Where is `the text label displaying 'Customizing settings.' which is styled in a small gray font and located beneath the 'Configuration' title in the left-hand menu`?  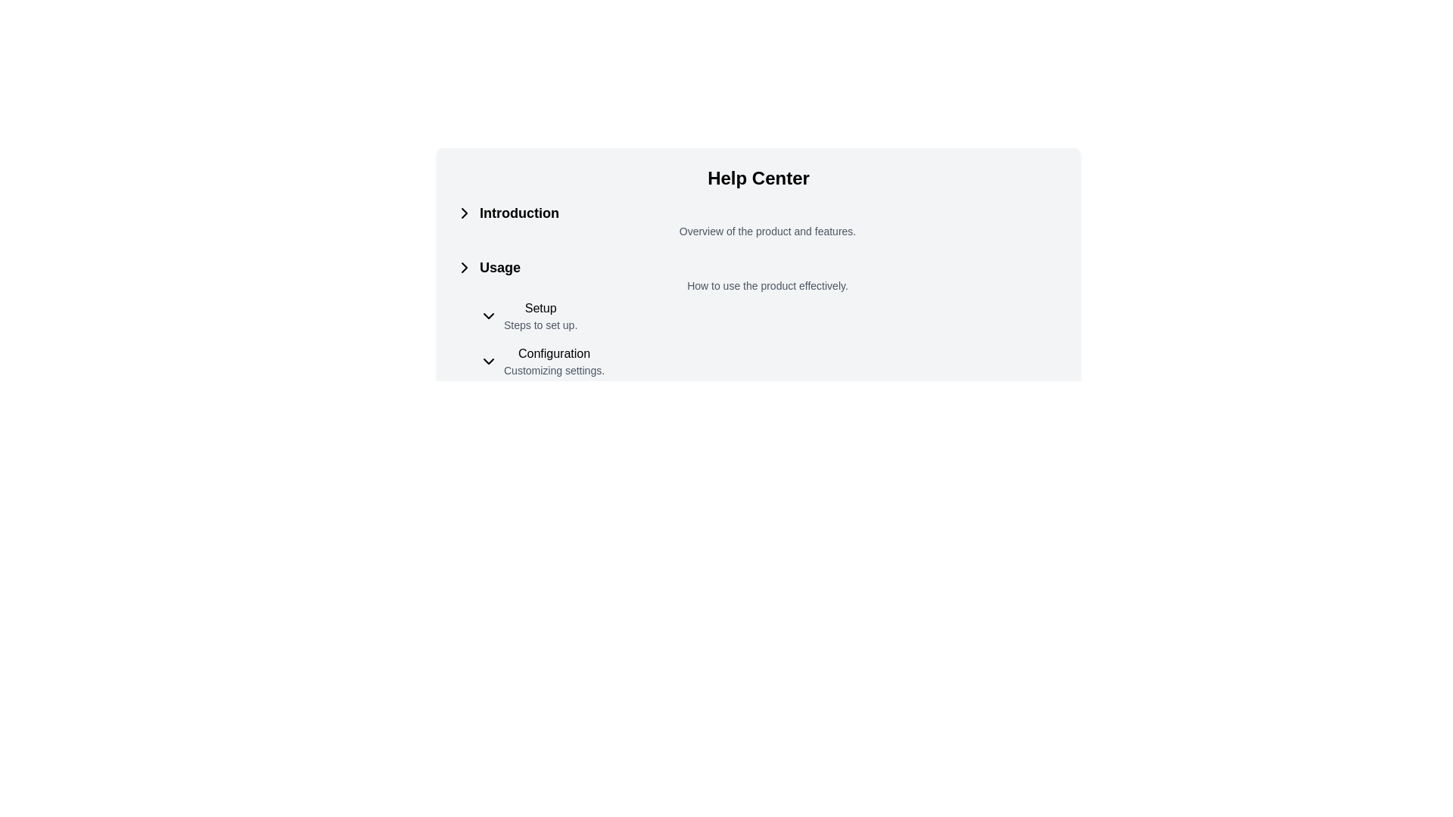 the text label displaying 'Customizing settings.' which is styled in a small gray font and located beneath the 'Configuration' title in the left-hand menu is located at coordinates (553, 370).